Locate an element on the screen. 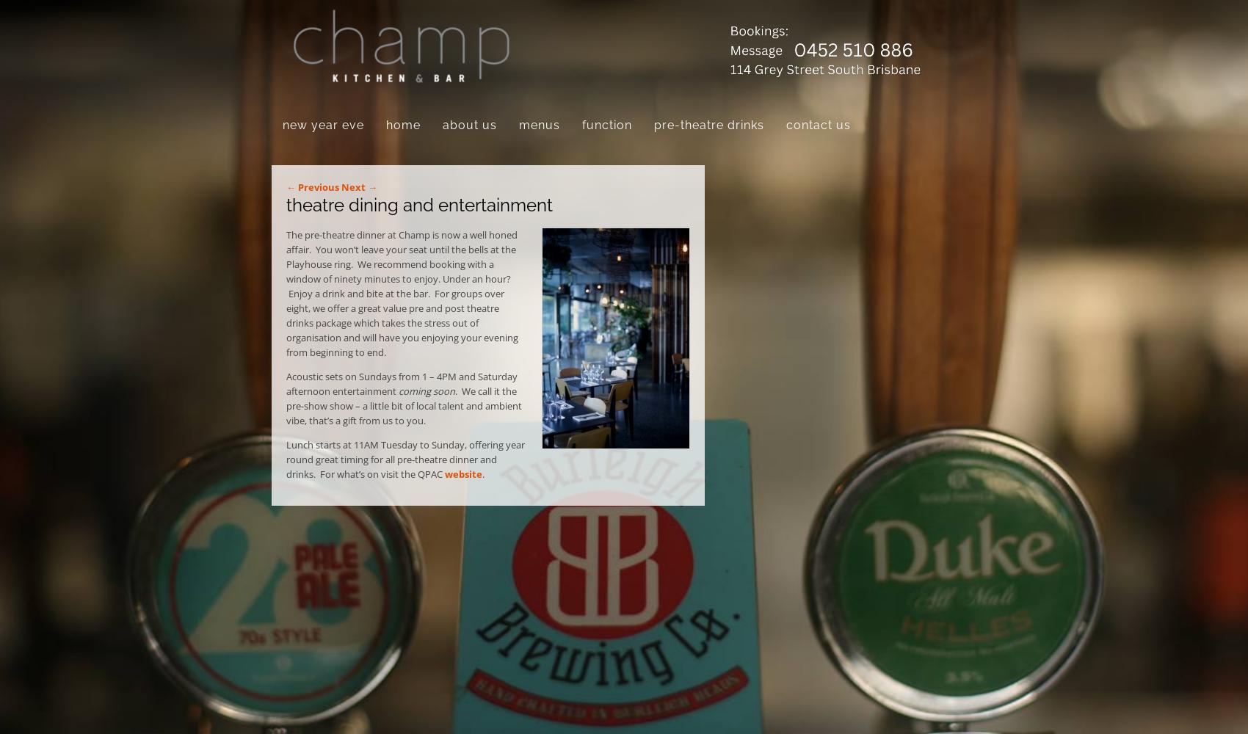 This screenshot has width=1248, height=734. 'Previous' is located at coordinates (317, 187).